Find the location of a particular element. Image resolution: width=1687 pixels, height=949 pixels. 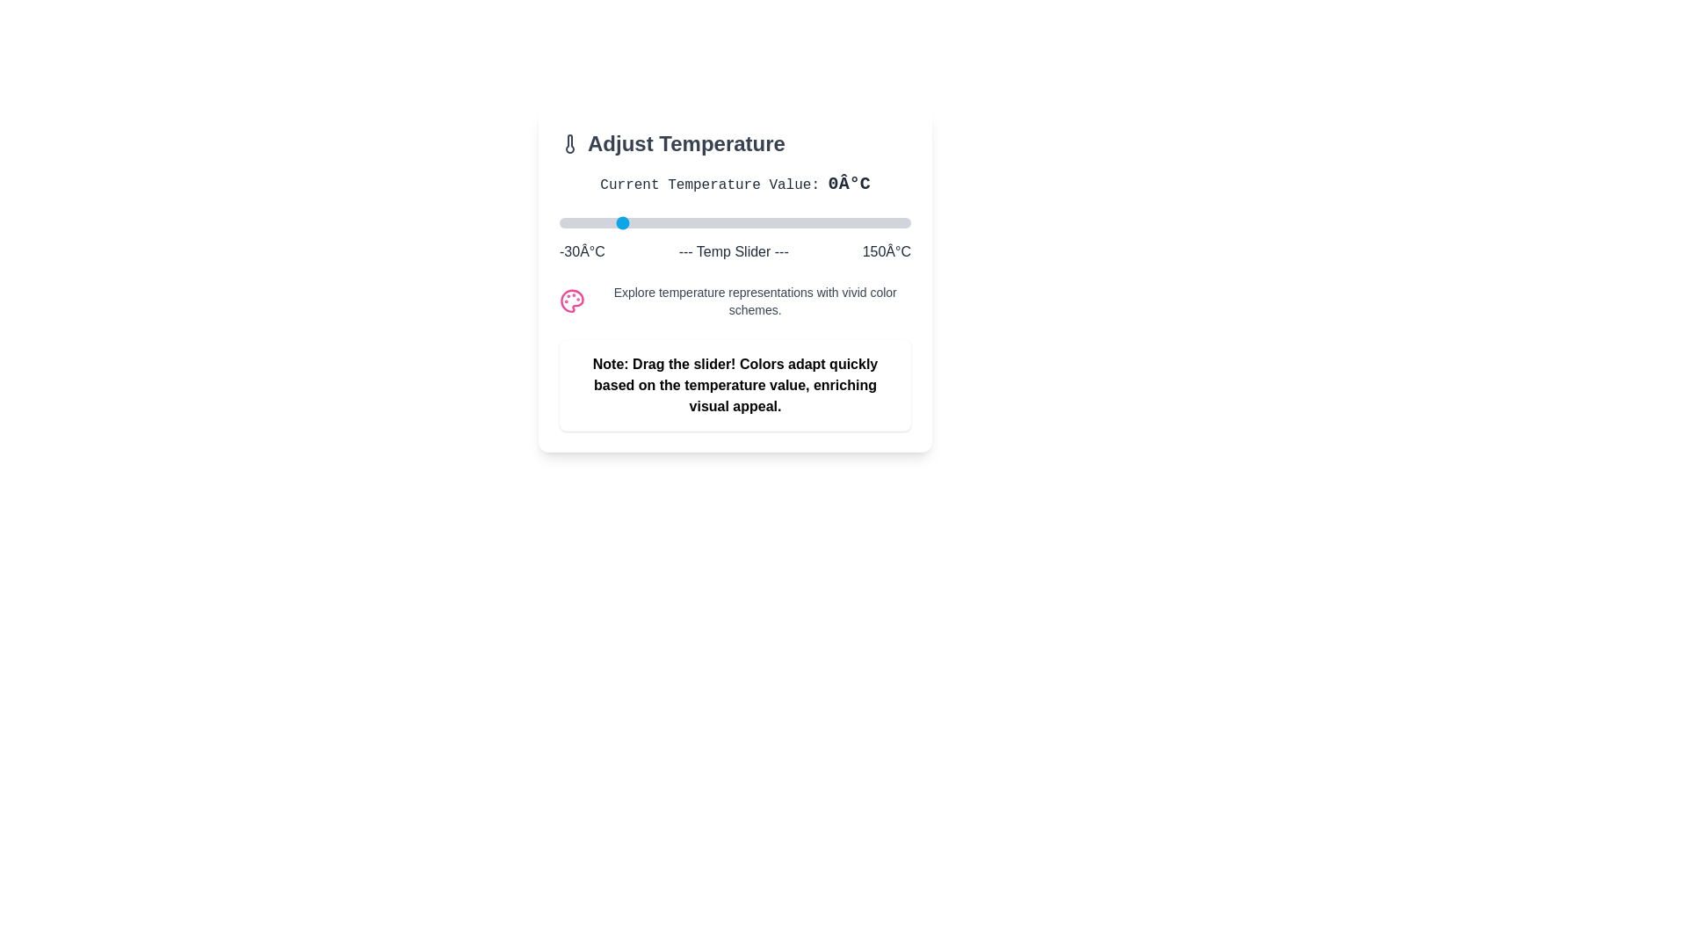

the temperature slider to set the temperature to 32°C is located at coordinates (679, 222).